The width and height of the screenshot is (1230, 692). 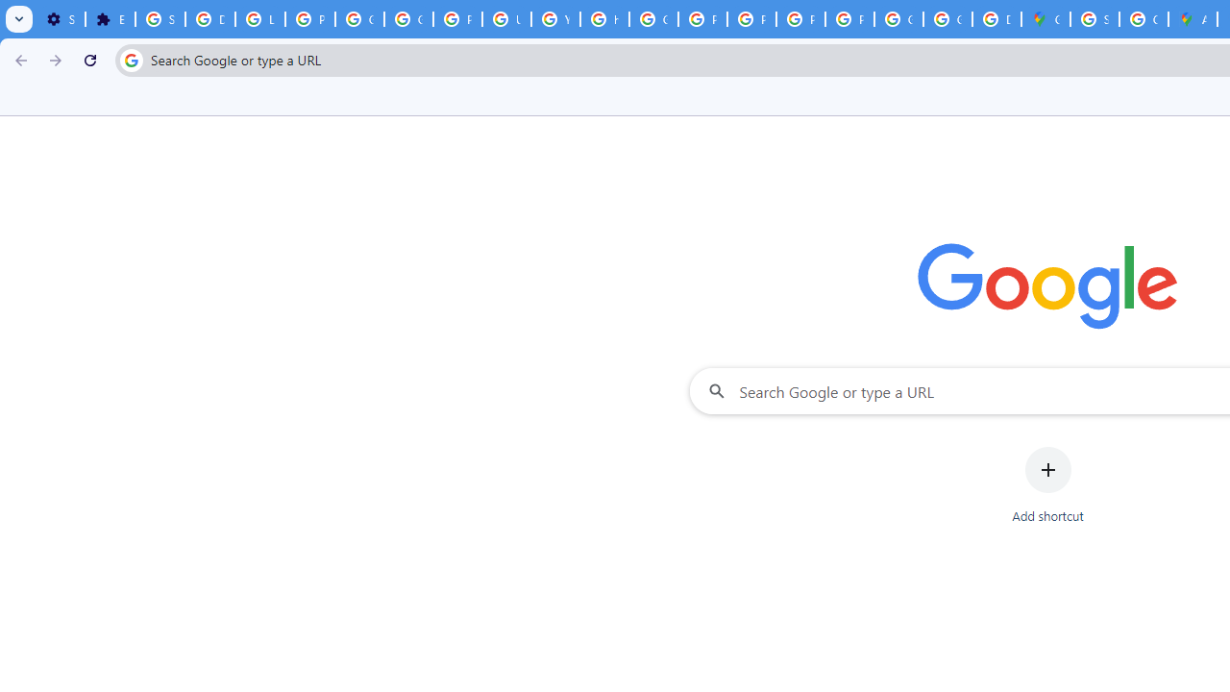 I want to click on 'Add shortcut', so click(x=1046, y=484).